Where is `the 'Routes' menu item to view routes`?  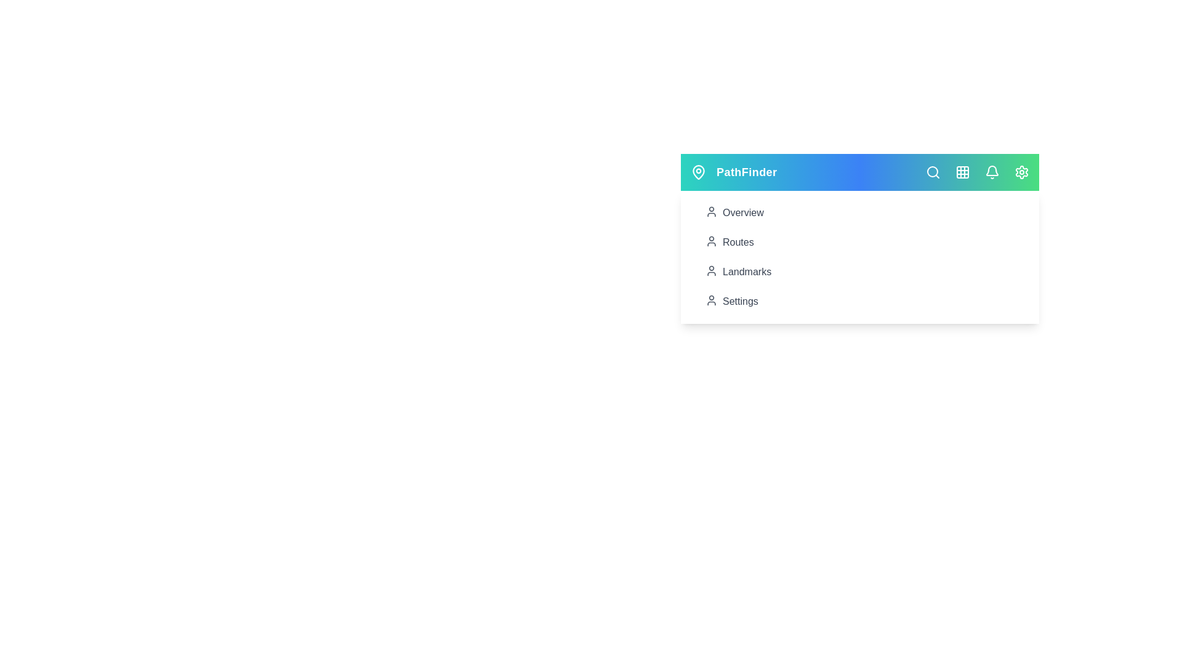 the 'Routes' menu item to view routes is located at coordinates (859, 242).